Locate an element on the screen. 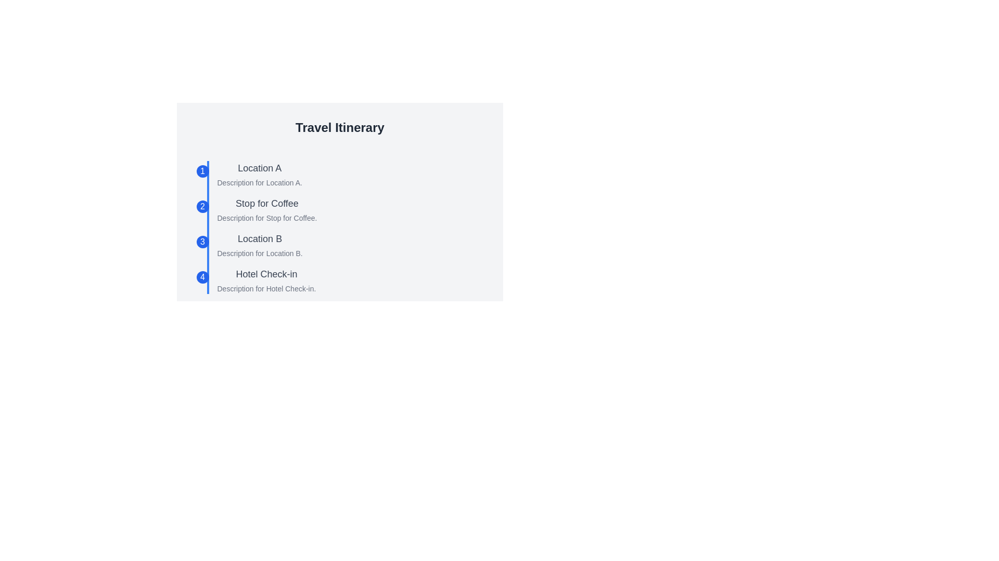 The height and width of the screenshot is (561, 999). the third Step Indicator Badge located to the left of the text 'Location B' in a vertical list of items is located at coordinates (202, 242).